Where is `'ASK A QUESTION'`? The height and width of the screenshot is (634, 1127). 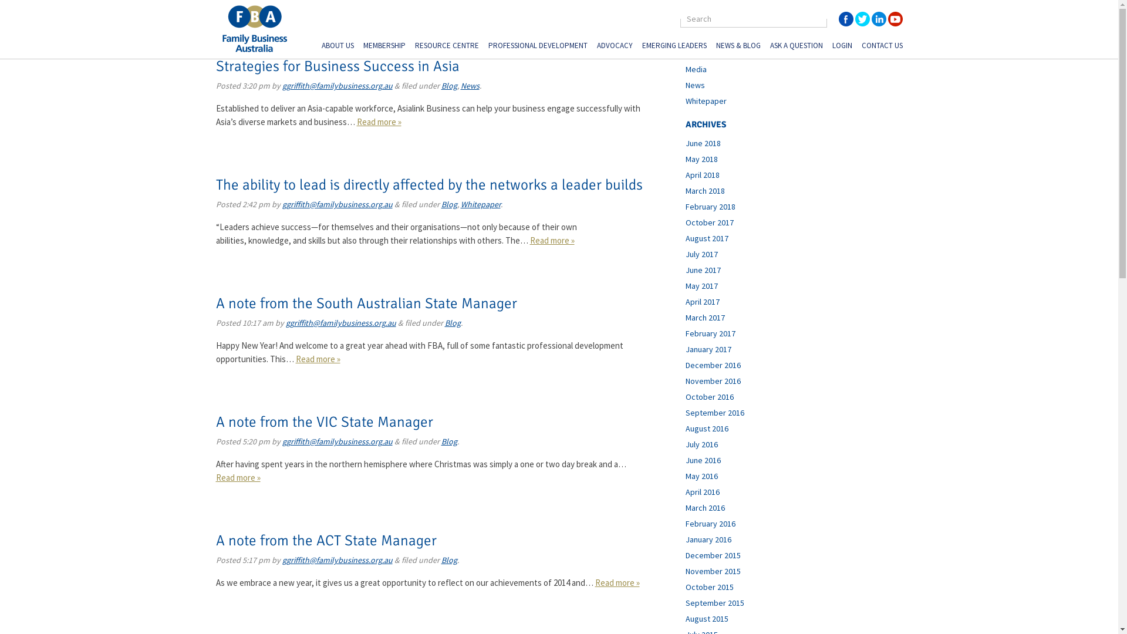
'ASK A QUESTION' is located at coordinates (797, 46).